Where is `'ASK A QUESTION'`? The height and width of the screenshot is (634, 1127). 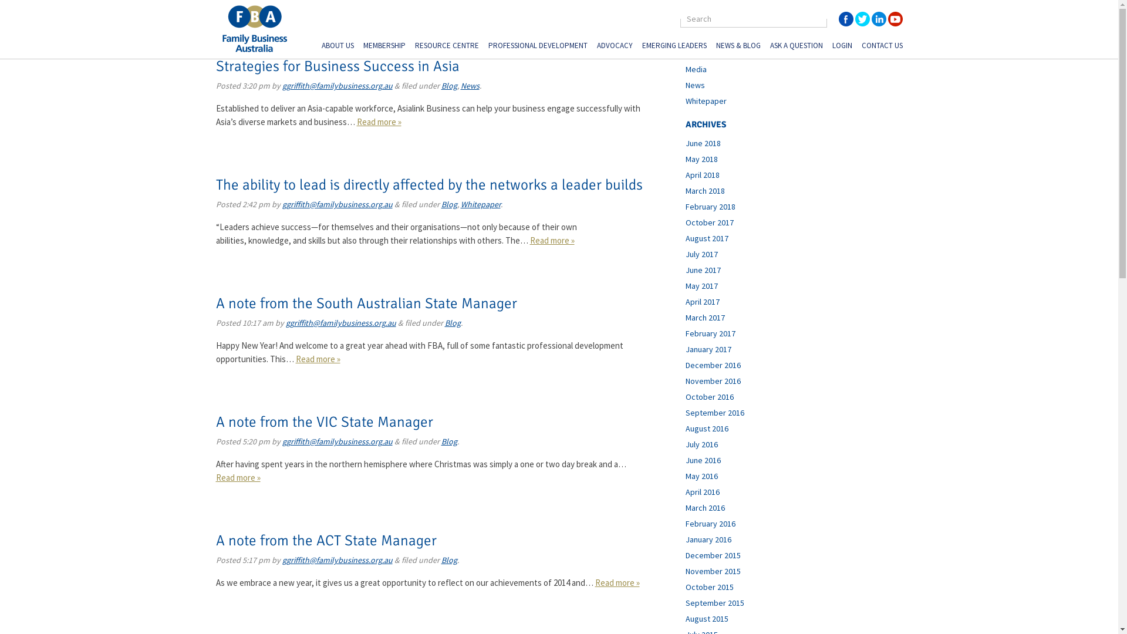
'ASK A QUESTION' is located at coordinates (797, 46).